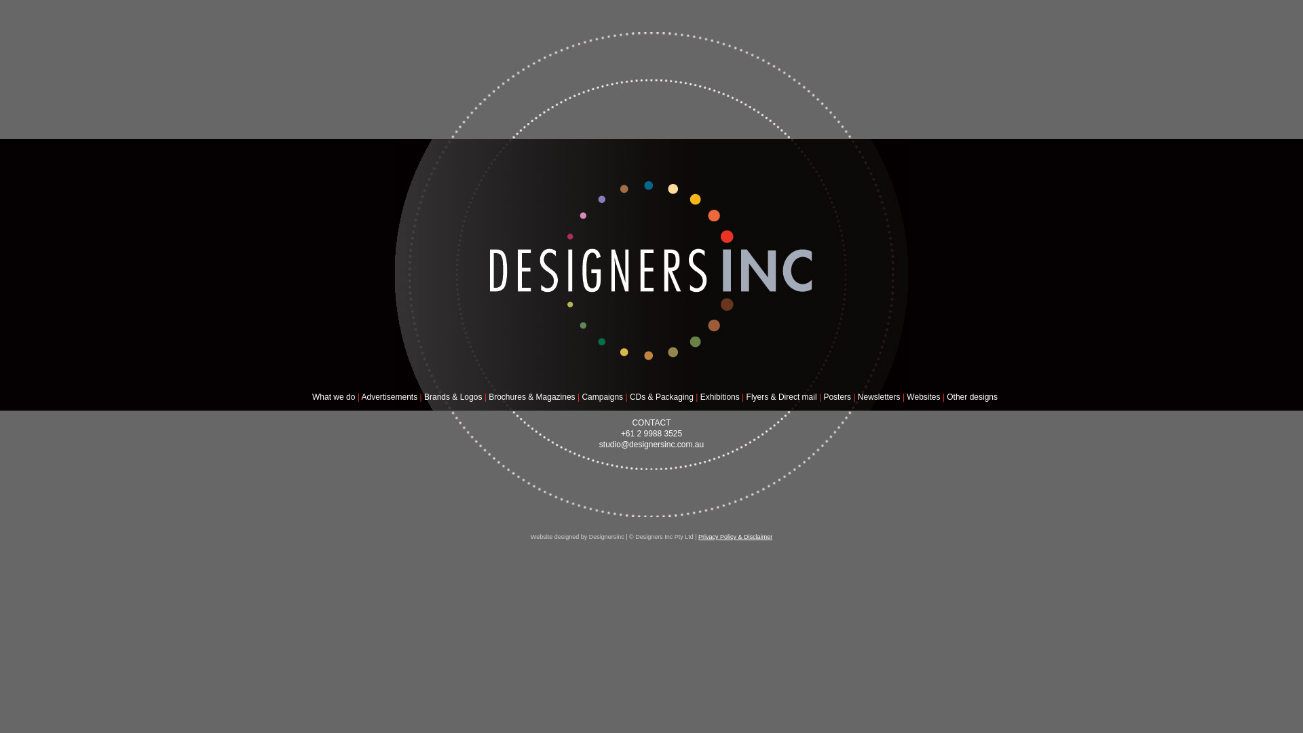  I want to click on 'Posters', so click(823, 397).